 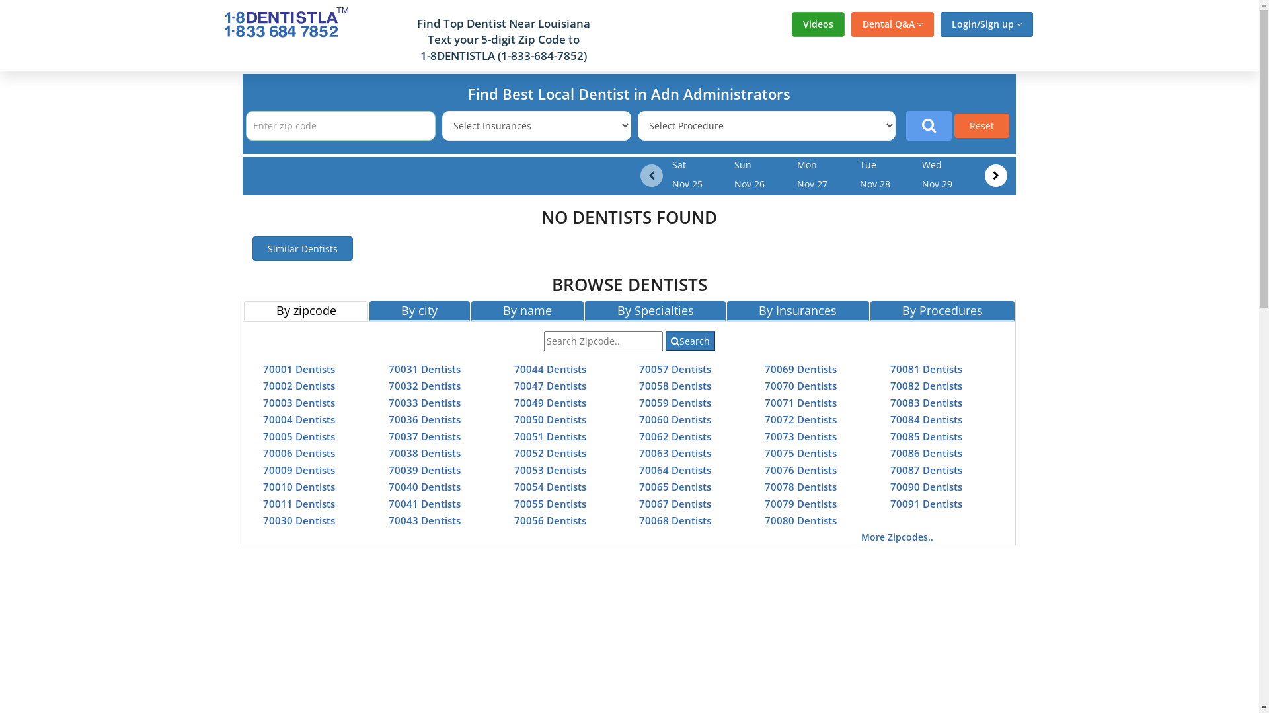 I want to click on 'By city', so click(x=418, y=310).